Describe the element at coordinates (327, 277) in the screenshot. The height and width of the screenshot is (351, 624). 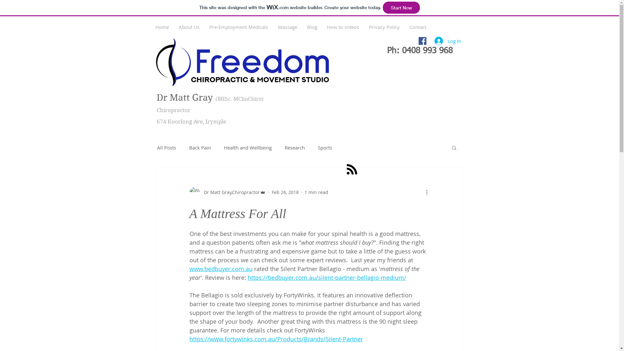
I see `'https://bedbuyer.com.au/silent-partner-bellagio-medium/'` at that location.